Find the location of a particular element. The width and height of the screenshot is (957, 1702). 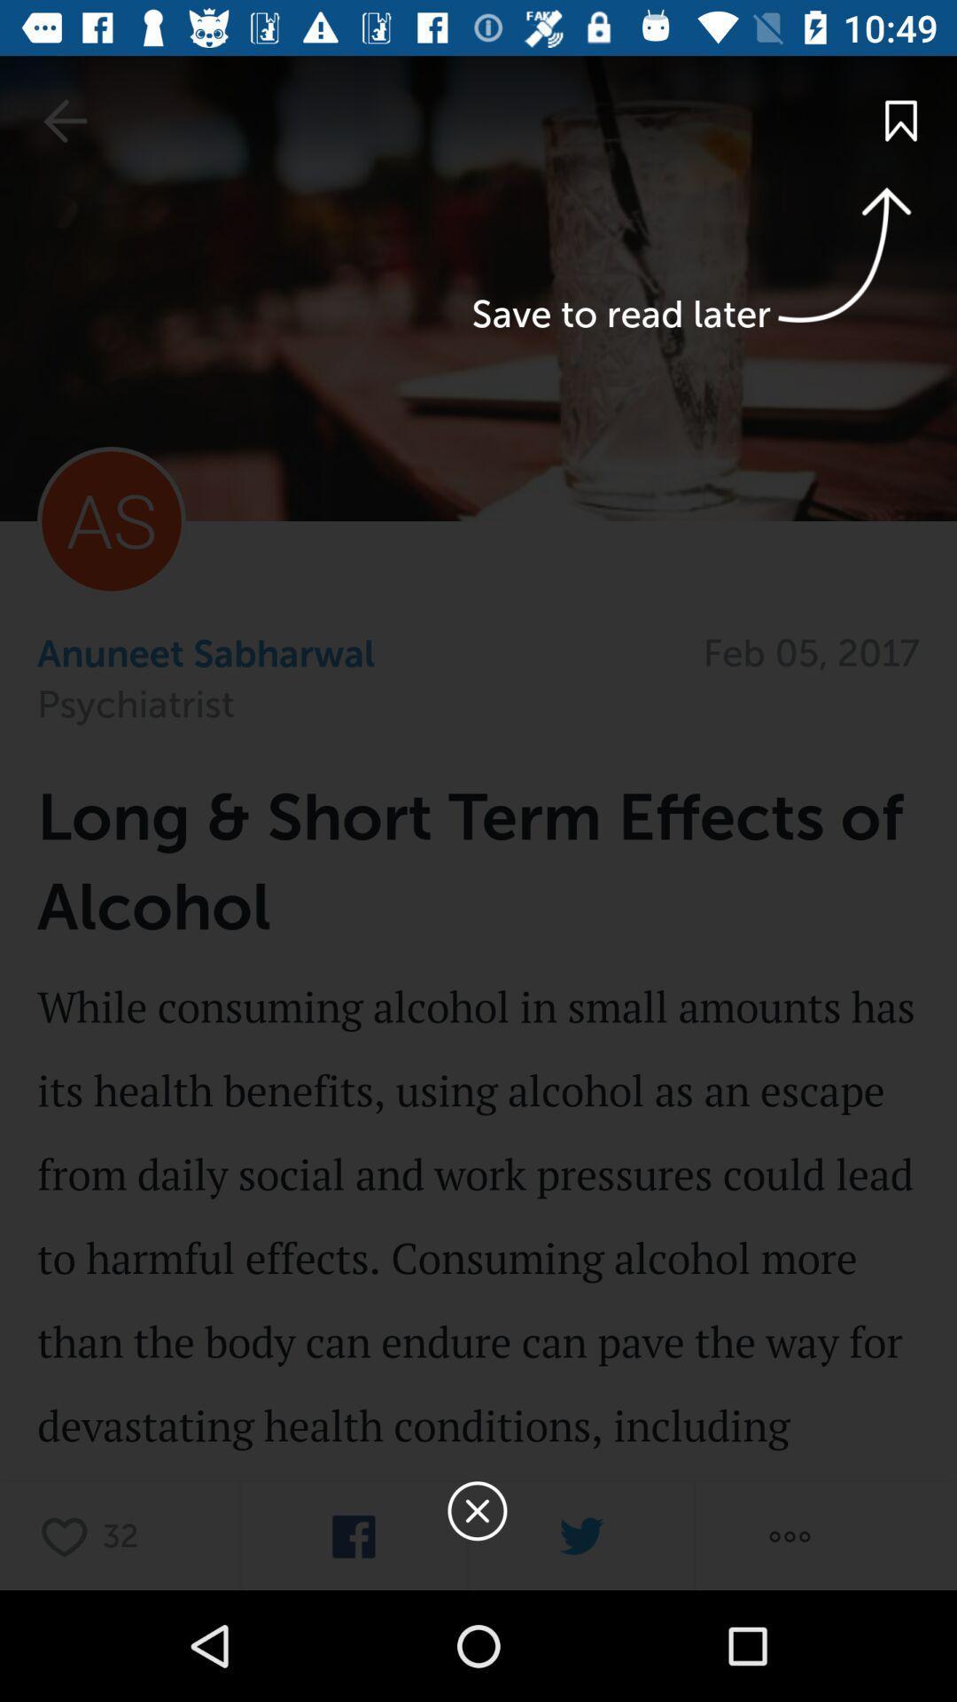

more options is located at coordinates (789, 1535).